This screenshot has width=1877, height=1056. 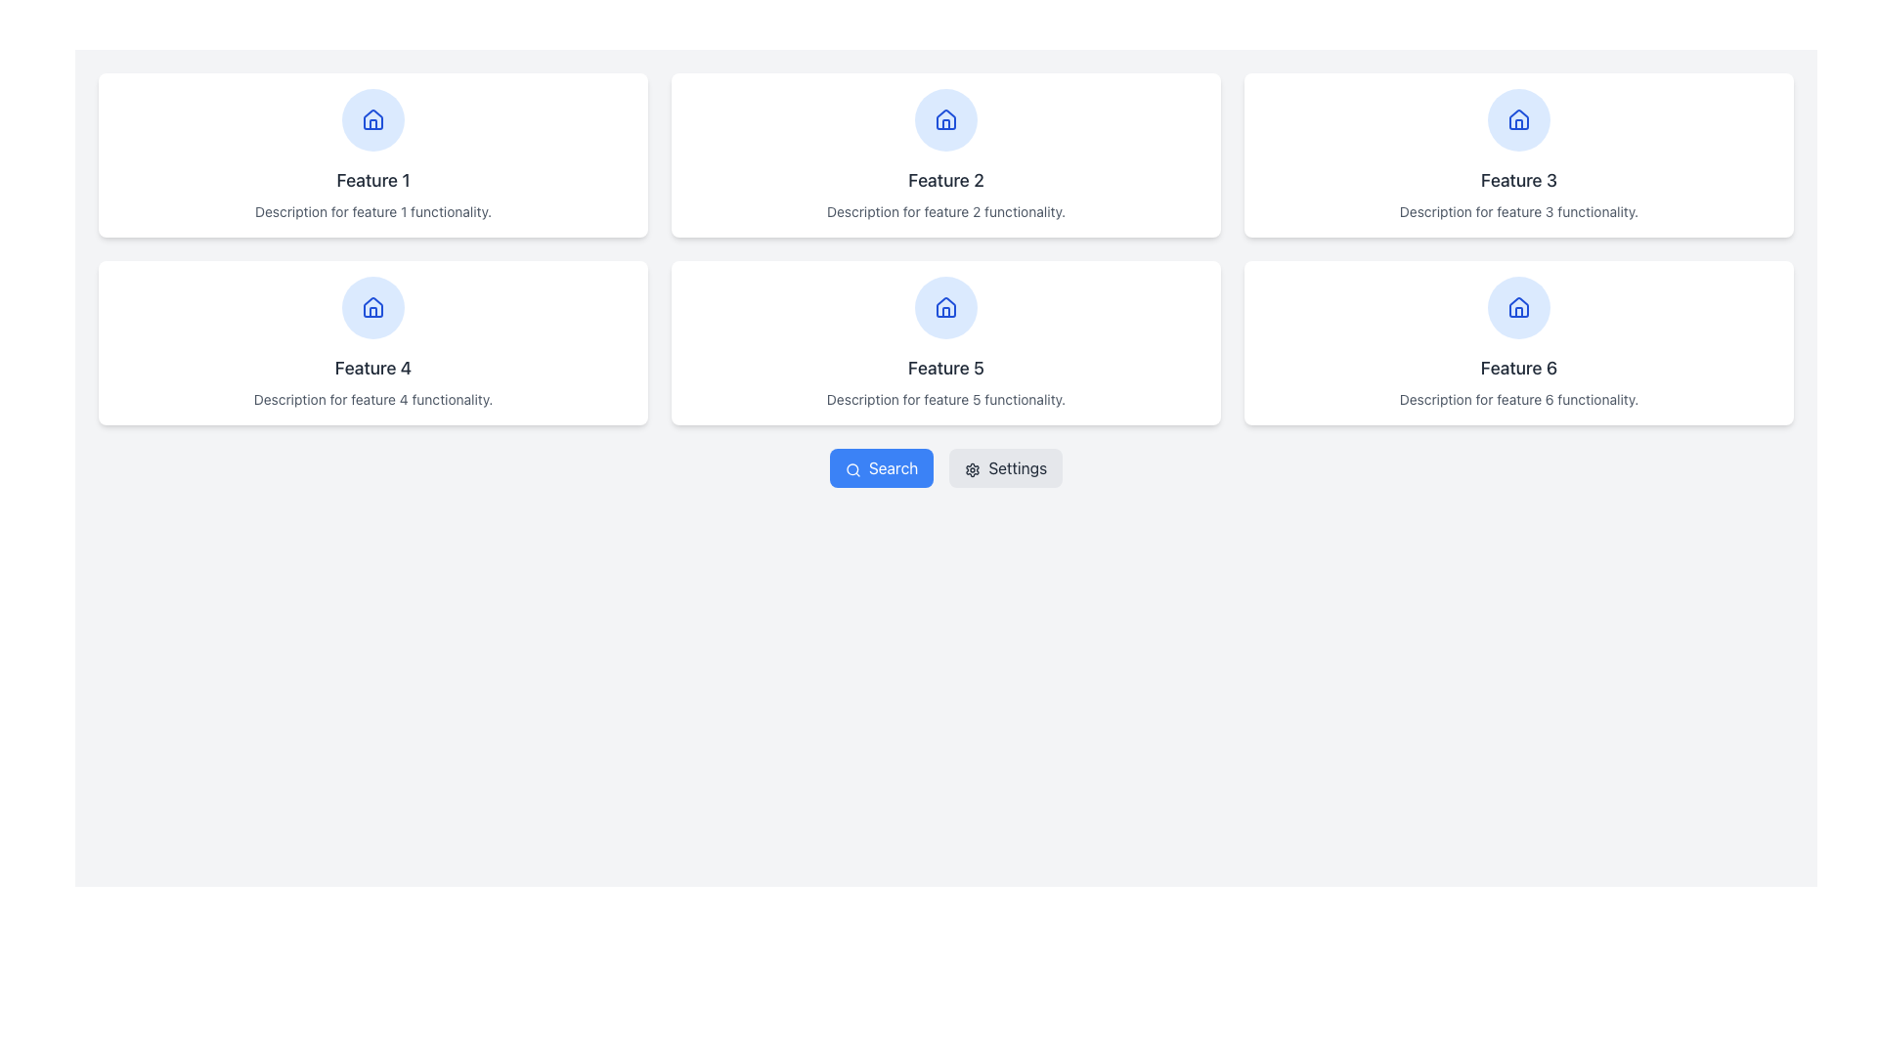 What do you see at coordinates (946, 308) in the screenshot?
I see `the circular blue icon with a house symbol located in the card labeled 'Feature 5', positioned in the upper section of the card` at bounding box center [946, 308].